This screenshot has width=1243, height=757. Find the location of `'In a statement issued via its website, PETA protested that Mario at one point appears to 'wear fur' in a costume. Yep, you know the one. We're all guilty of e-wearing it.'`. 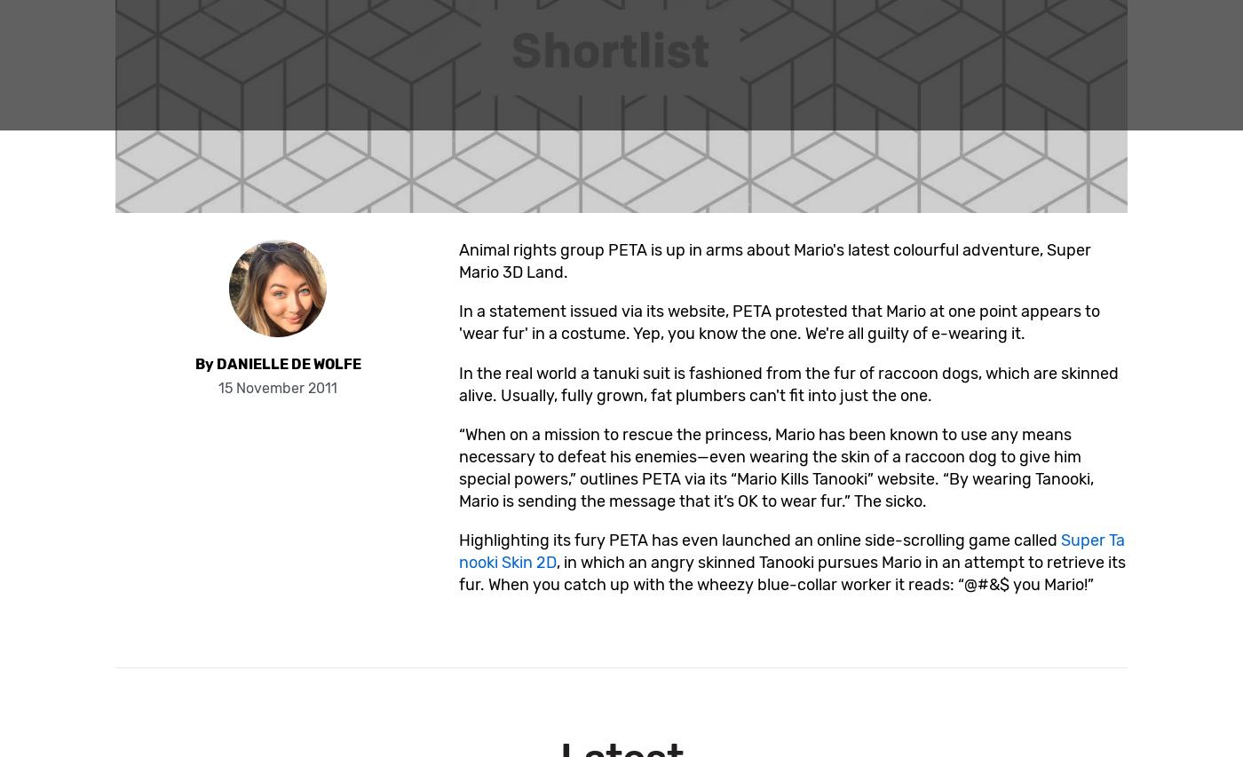

'In a statement issued via its website, PETA protested that Mario at one point appears to 'wear fur' in a costume. Yep, you know the one. We're all guilty of e-wearing it.' is located at coordinates (777, 322).